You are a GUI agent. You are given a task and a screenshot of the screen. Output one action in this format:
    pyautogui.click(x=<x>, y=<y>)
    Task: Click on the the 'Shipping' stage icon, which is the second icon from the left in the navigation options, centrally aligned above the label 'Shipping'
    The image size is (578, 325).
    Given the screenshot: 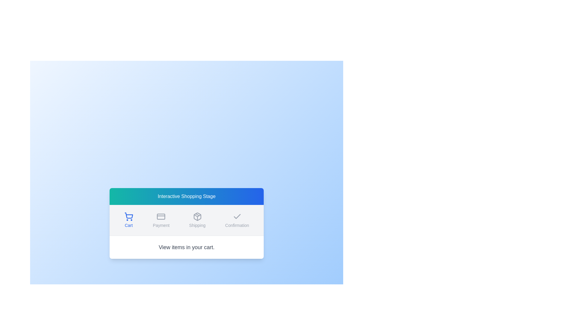 What is the action you would take?
    pyautogui.click(x=197, y=216)
    